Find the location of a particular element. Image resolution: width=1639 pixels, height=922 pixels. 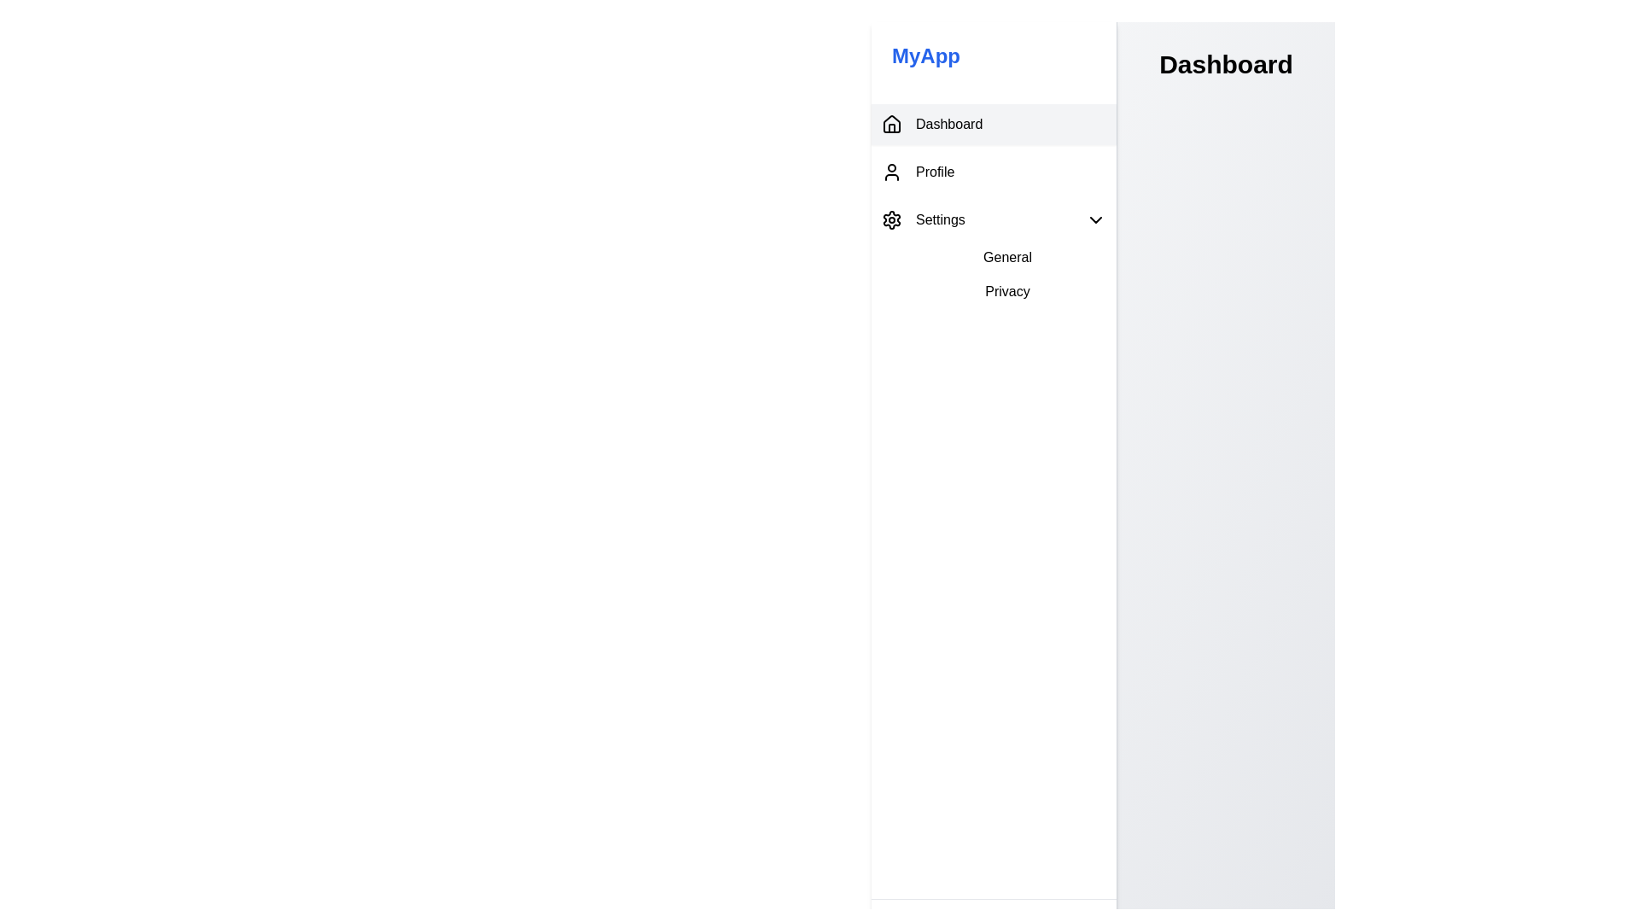

the 'General' or 'Privacy' option in the dropdown menu under the 'Settings' group is located at coordinates (994, 273).